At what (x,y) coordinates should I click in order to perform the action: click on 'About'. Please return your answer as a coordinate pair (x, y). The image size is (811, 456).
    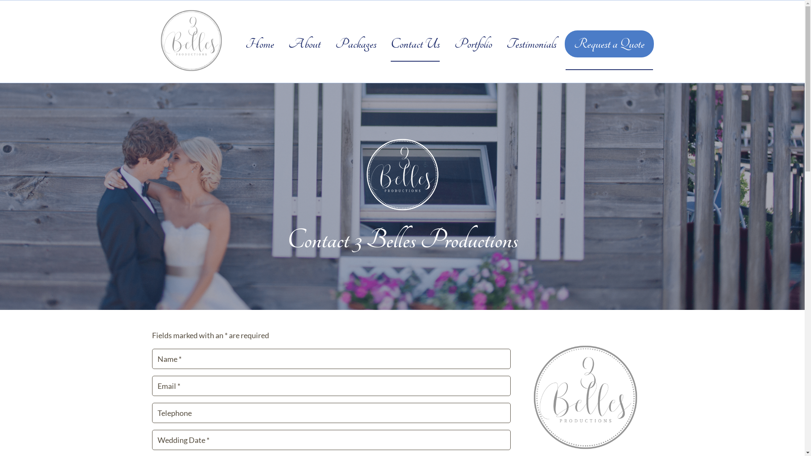
    Looking at the image, I should click on (288, 44).